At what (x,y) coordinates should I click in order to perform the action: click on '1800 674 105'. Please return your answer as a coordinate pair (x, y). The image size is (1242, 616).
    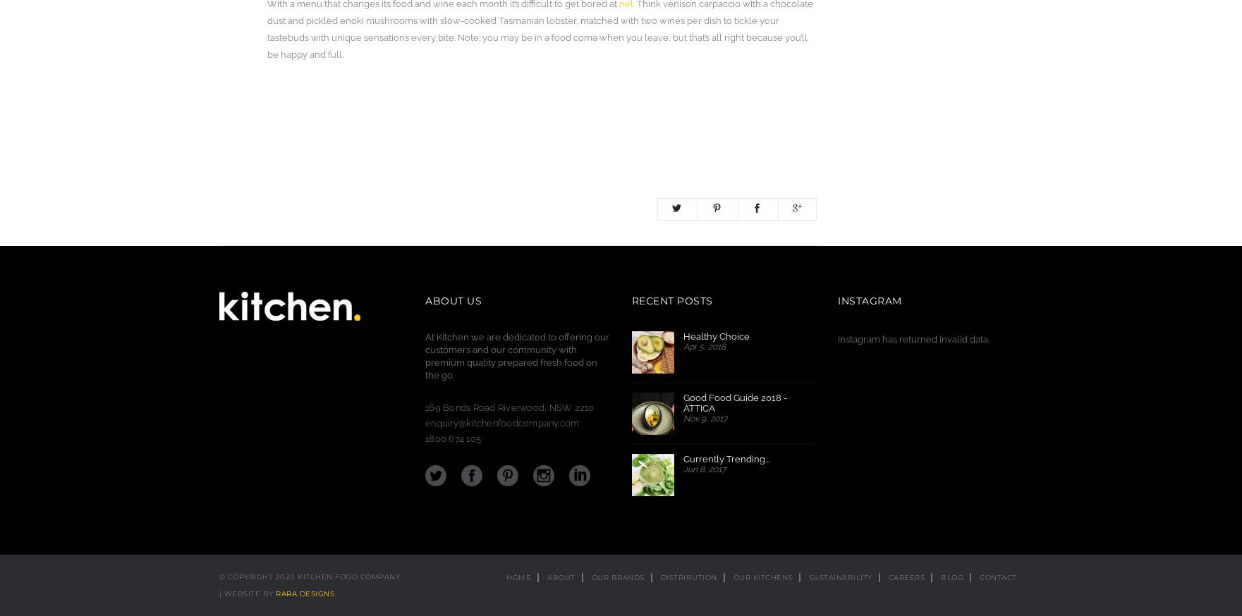
    Looking at the image, I should click on (453, 438).